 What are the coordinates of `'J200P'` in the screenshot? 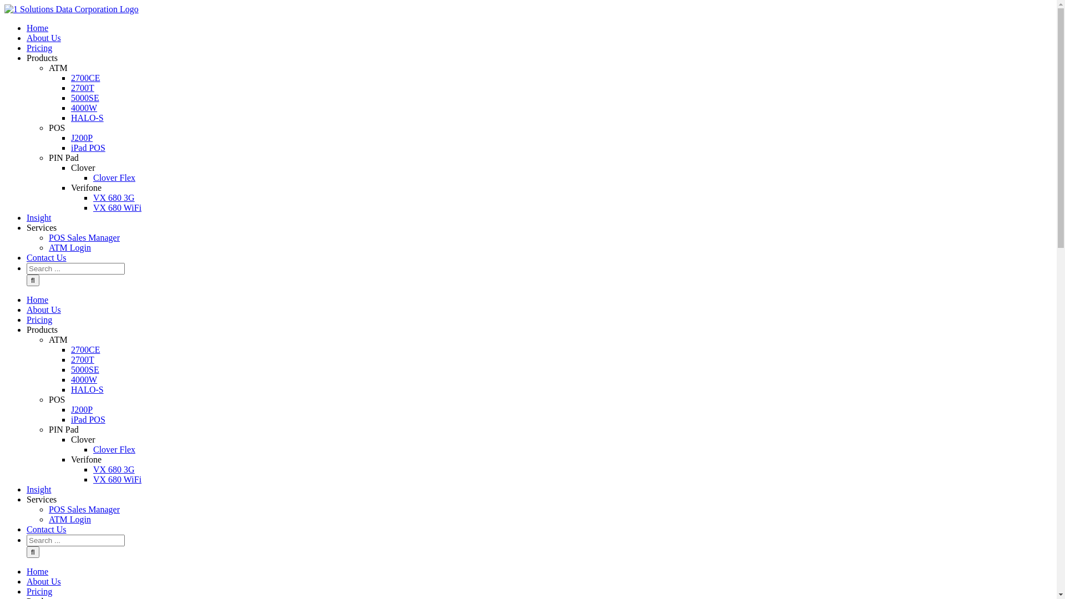 It's located at (81, 409).